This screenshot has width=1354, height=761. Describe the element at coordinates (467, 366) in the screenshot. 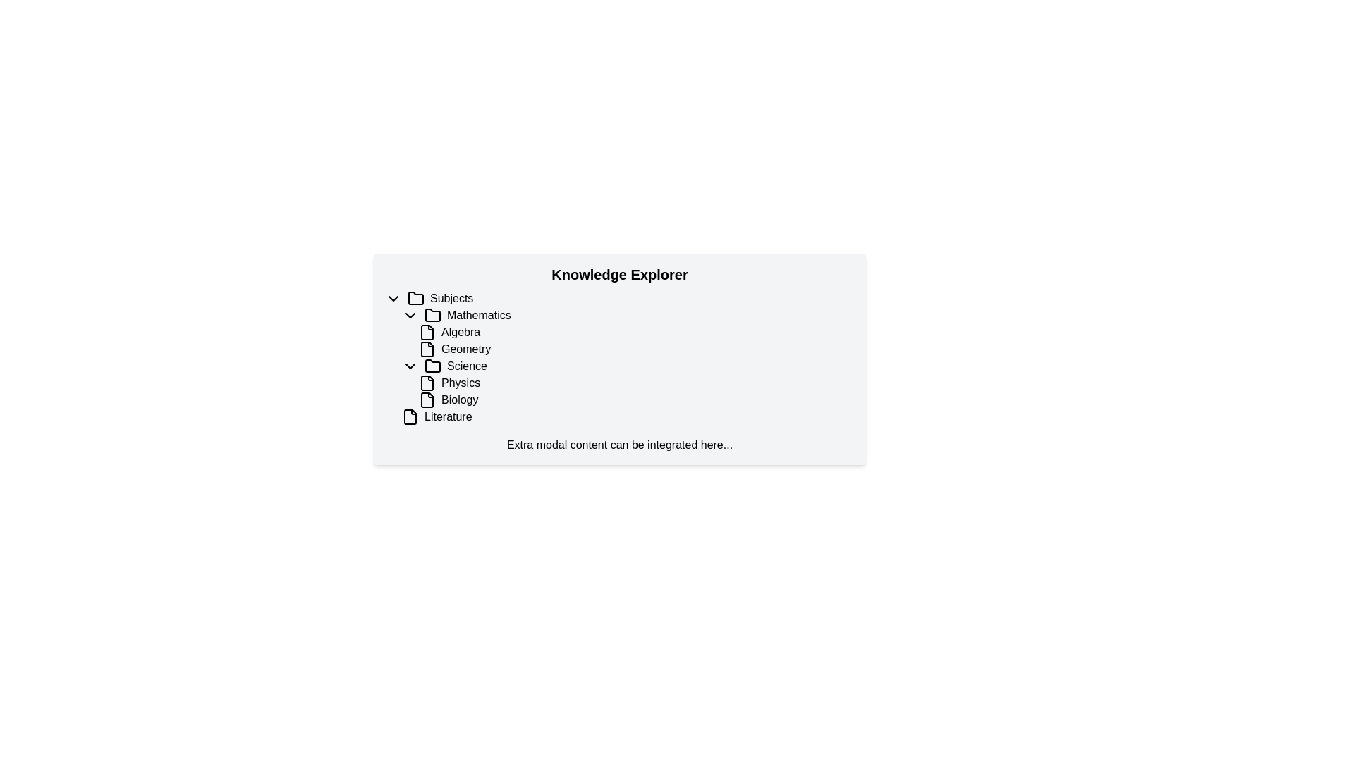

I see `the text label displaying 'Science', which is the third item in the 'Subjects' section under 'Mathematics'` at that location.